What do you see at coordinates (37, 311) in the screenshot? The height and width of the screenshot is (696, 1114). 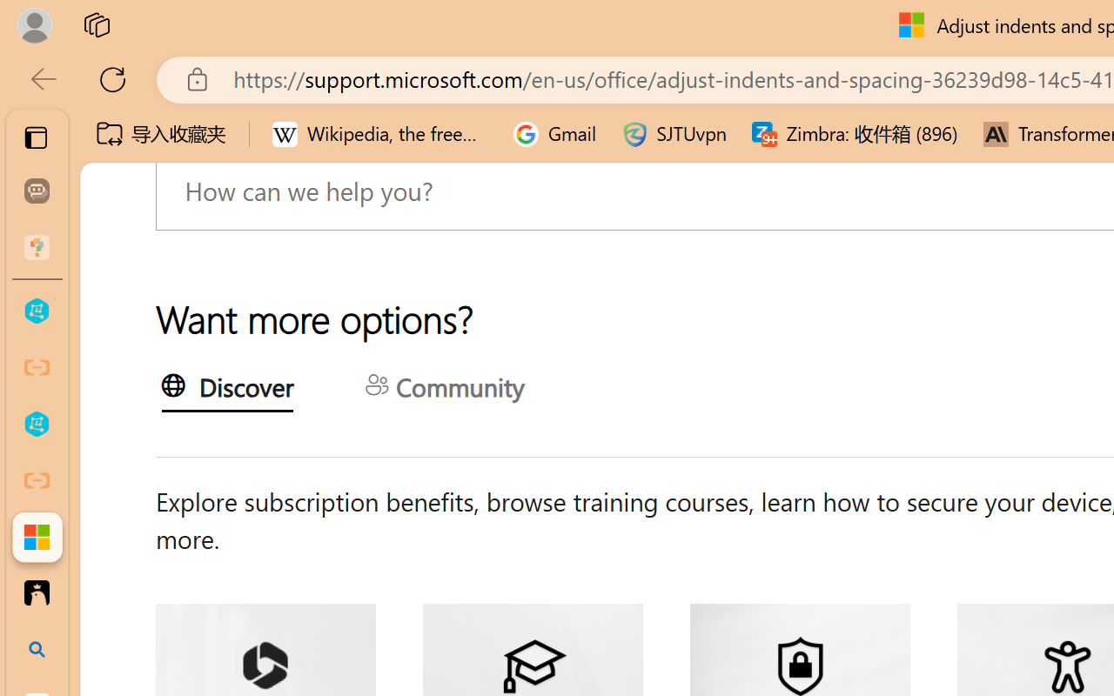 I see `'wangyian_dsw - DSW'` at bounding box center [37, 311].